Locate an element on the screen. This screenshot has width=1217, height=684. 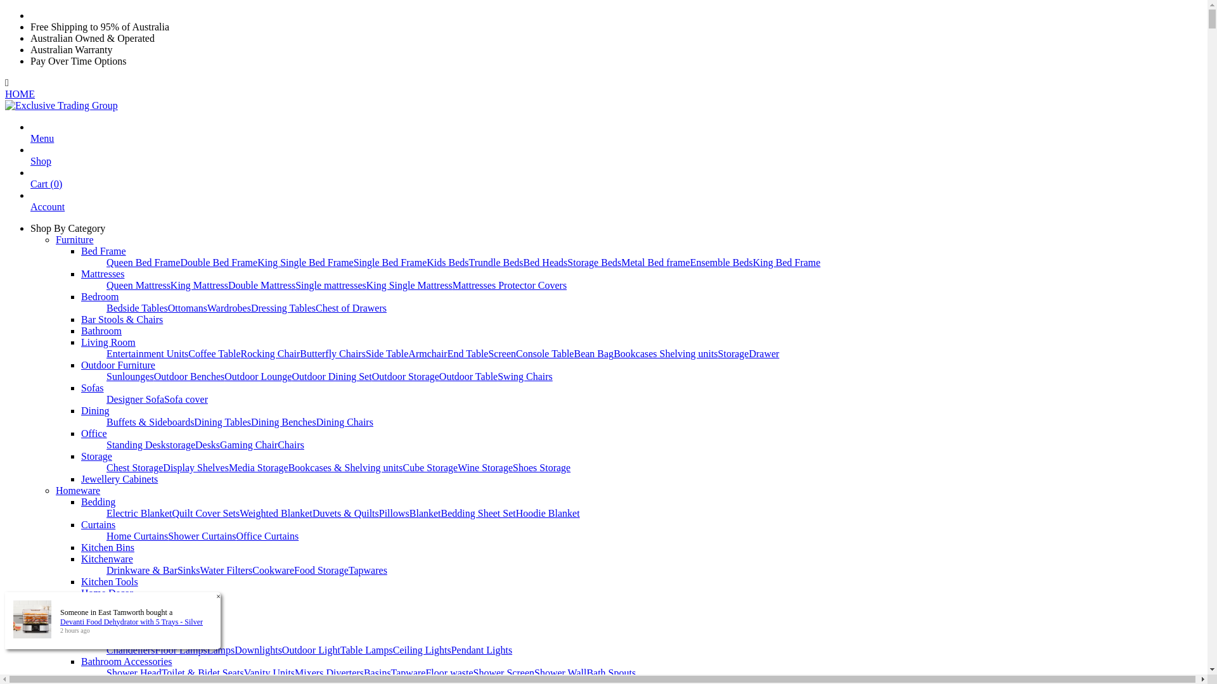
'Exclusive Trading Group' is located at coordinates (60, 104).